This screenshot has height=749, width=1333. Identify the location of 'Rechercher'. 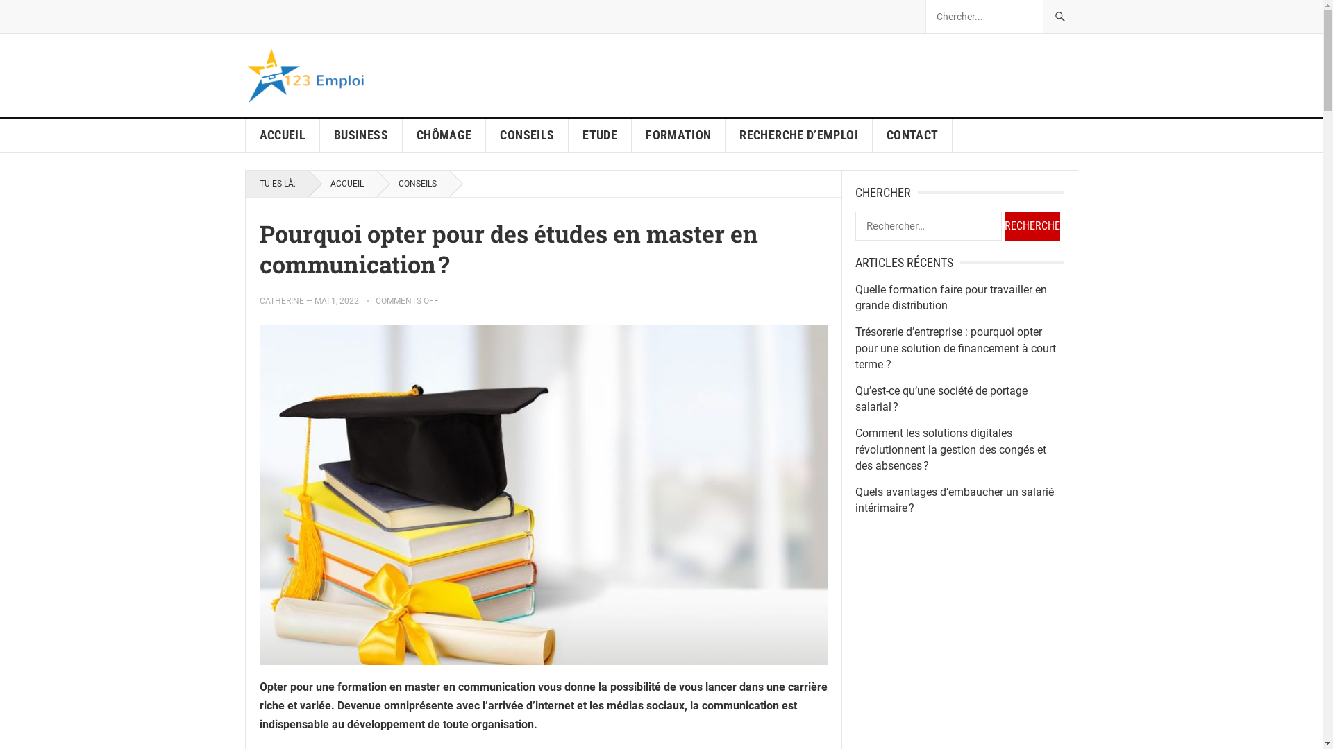
(1032, 225).